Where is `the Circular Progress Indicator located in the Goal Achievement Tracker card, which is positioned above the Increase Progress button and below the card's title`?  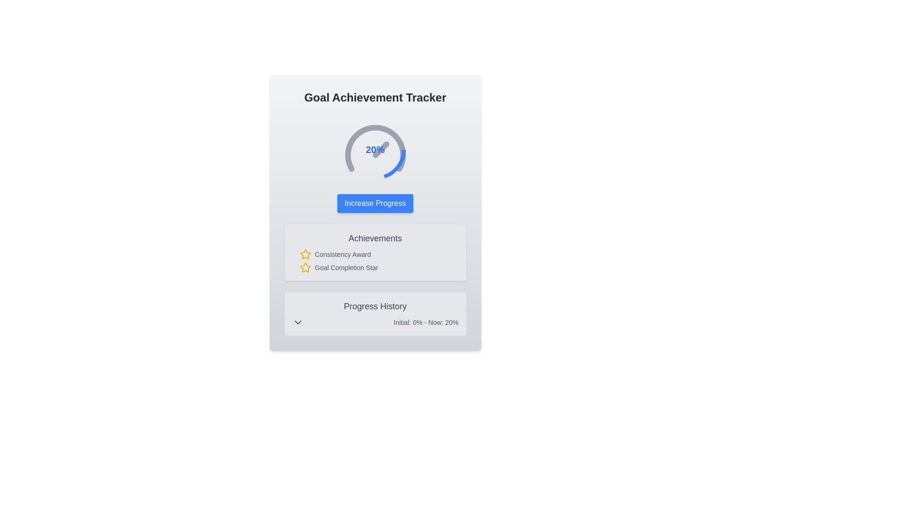 the Circular Progress Indicator located in the Goal Achievement Tracker card, which is positioned above the Increase Progress button and below the card's title is located at coordinates (375, 149).